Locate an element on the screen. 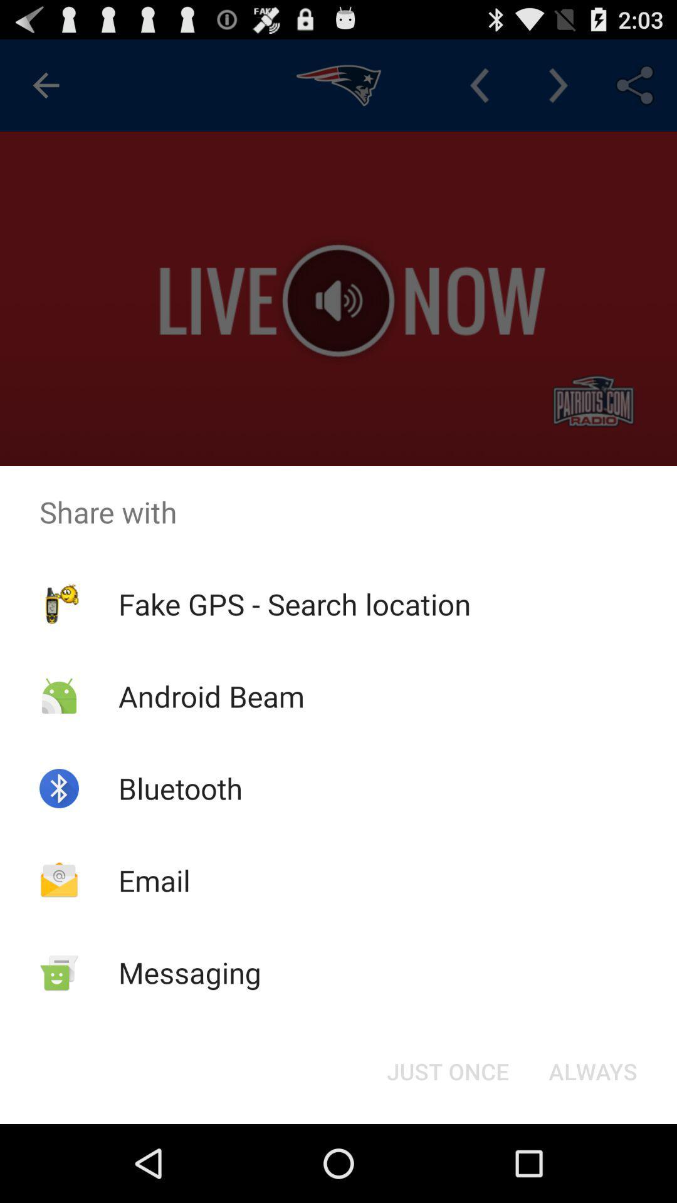  icon to the left of always icon is located at coordinates (447, 1070).